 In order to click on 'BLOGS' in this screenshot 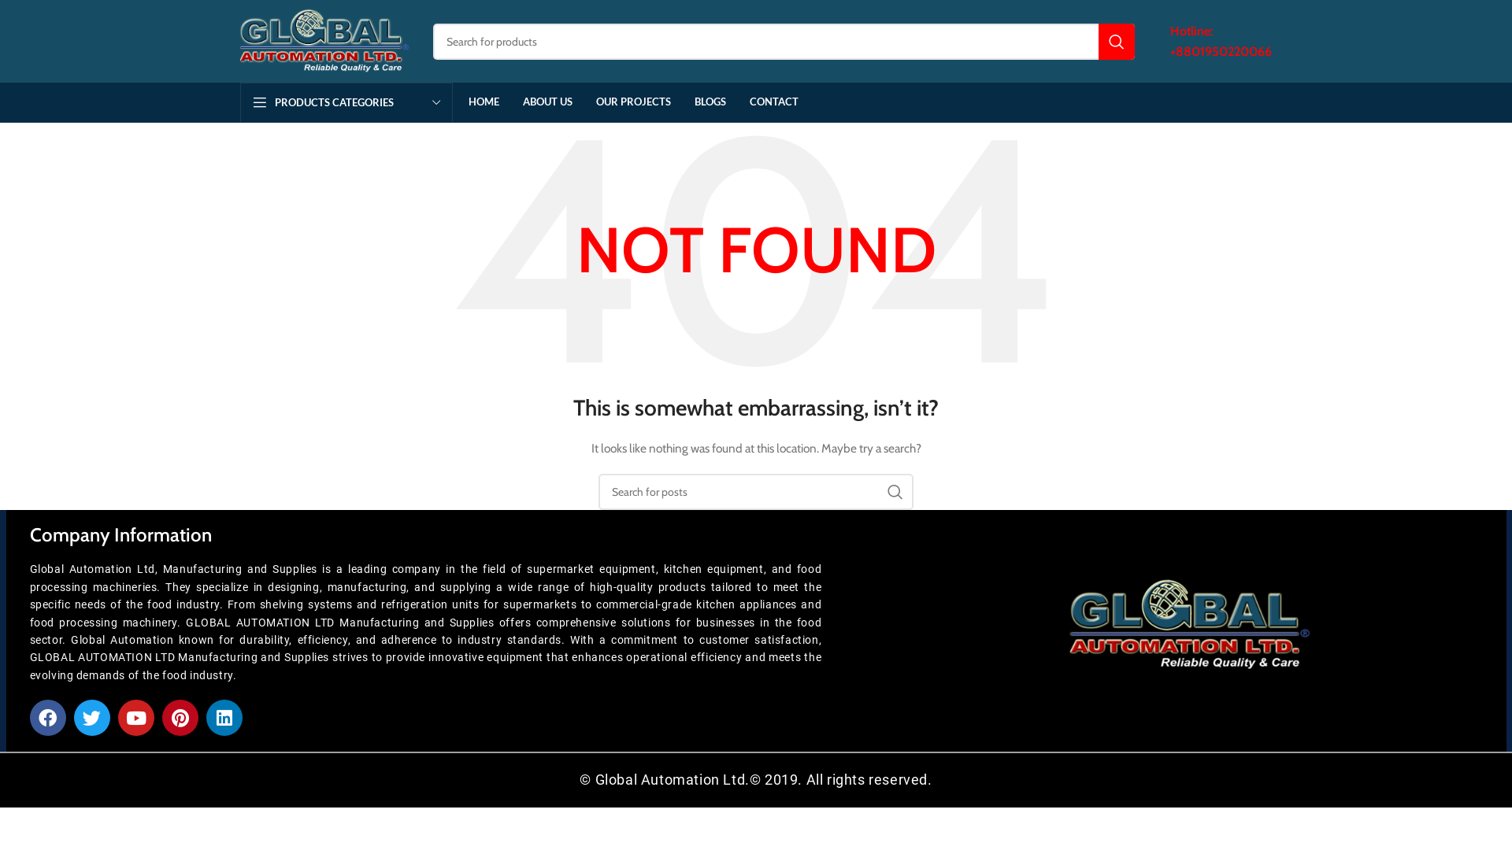, I will do `click(710, 102)`.